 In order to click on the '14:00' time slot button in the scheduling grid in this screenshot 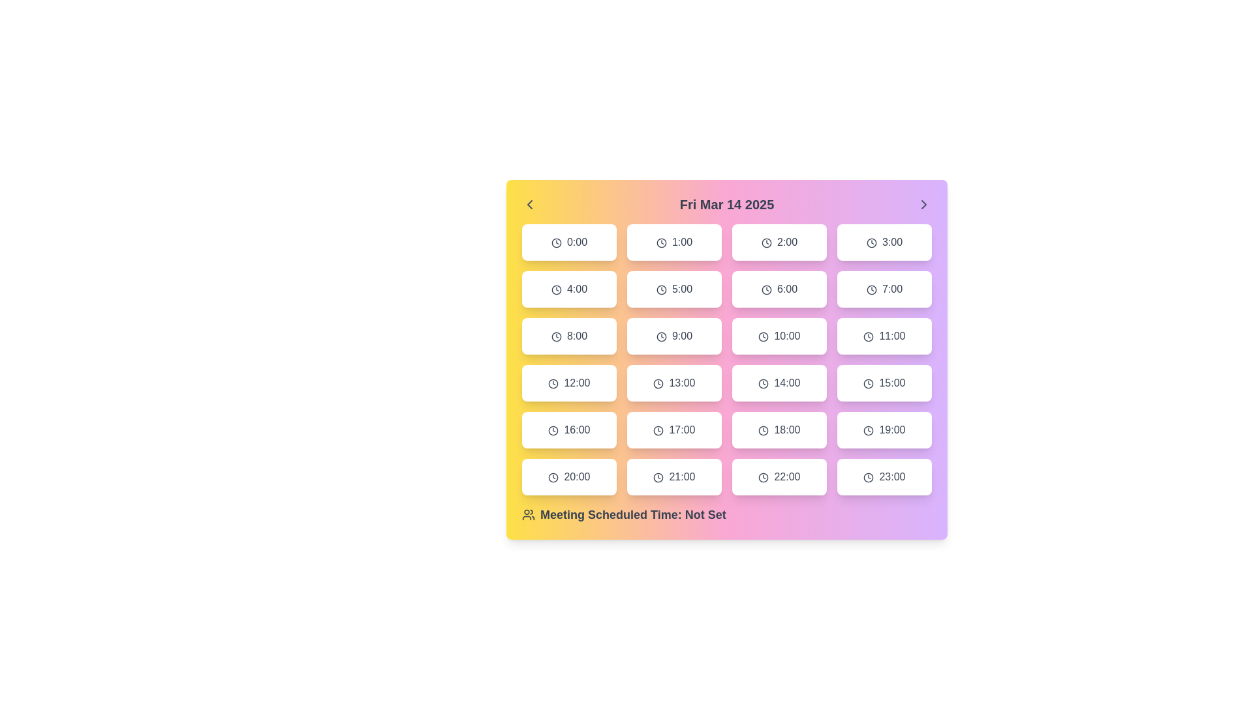, I will do `click(726, 359)`.